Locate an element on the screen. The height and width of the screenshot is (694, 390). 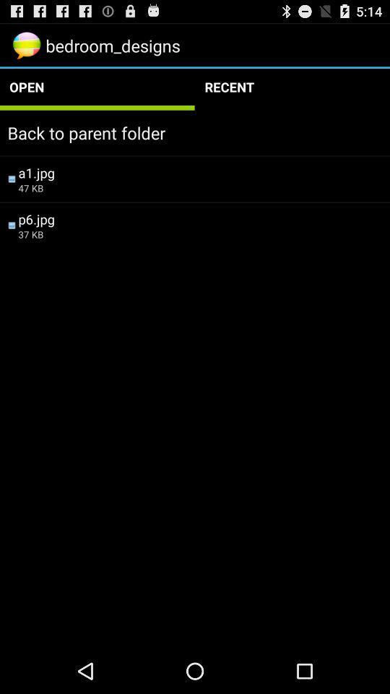
the app above 37 kb is located at coordinates (199, 218).